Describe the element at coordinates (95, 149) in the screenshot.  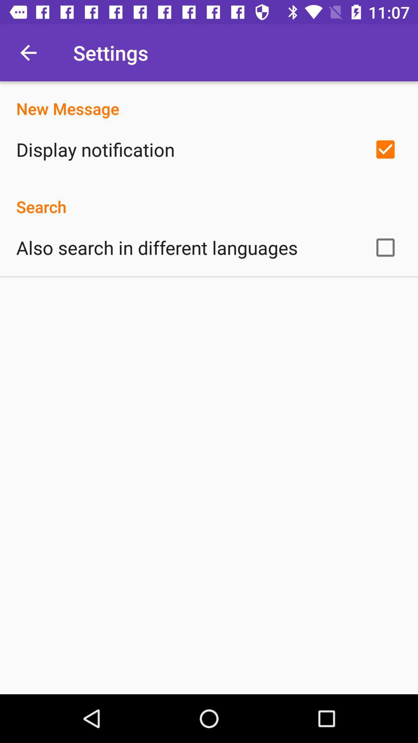
I see `display notification item` at that location.